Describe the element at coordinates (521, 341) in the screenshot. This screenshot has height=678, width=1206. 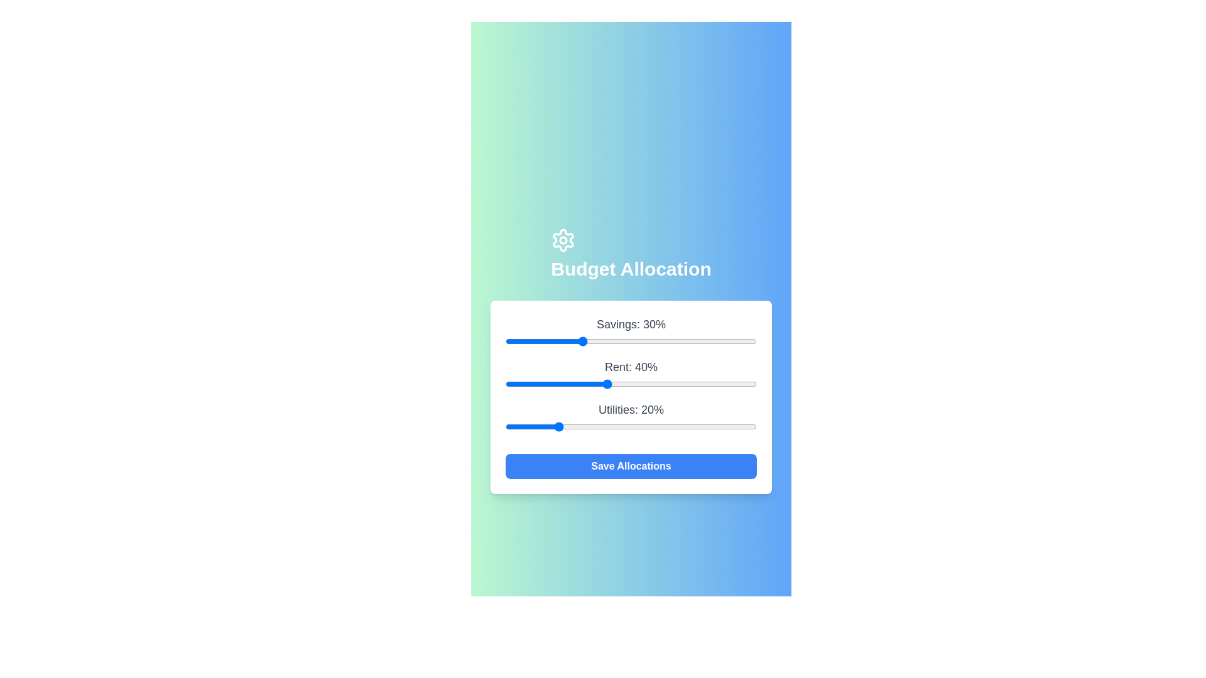
I see `the 'Savings' slider to 6%` at that location.